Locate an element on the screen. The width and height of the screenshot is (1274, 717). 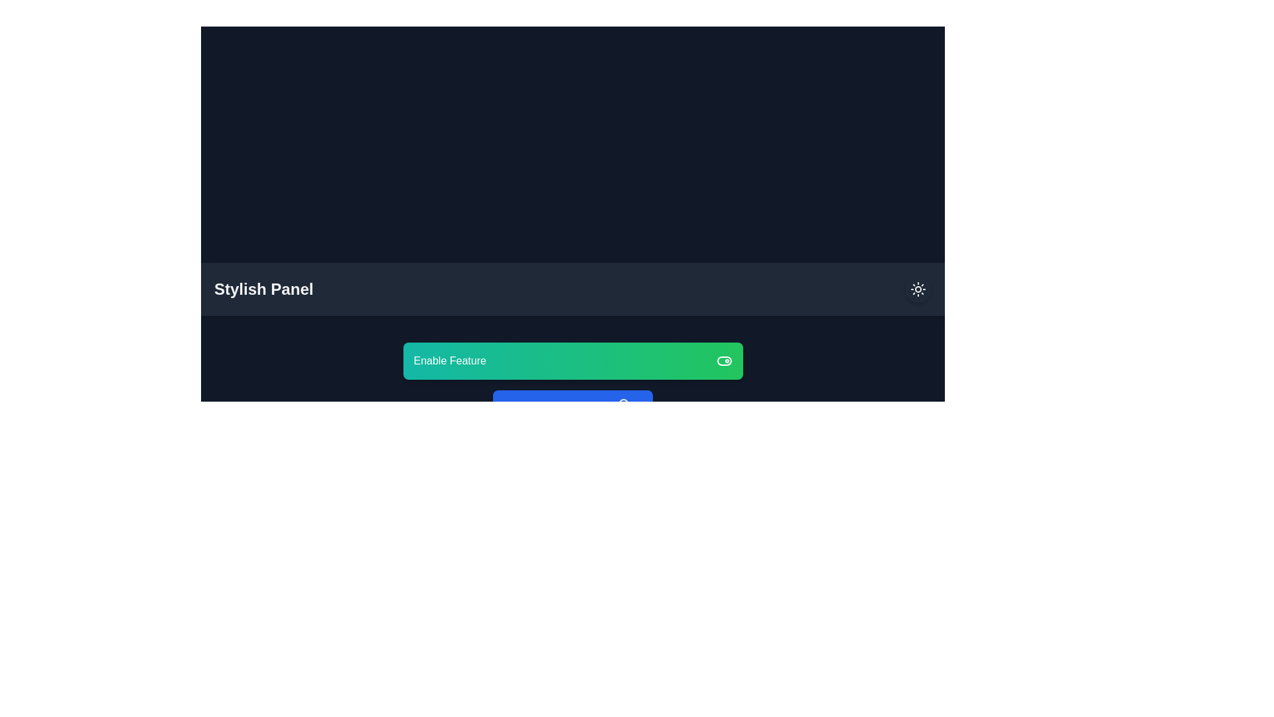
the button located directly below the 'Enable Feature' green button is located at coordinates (573, 406).